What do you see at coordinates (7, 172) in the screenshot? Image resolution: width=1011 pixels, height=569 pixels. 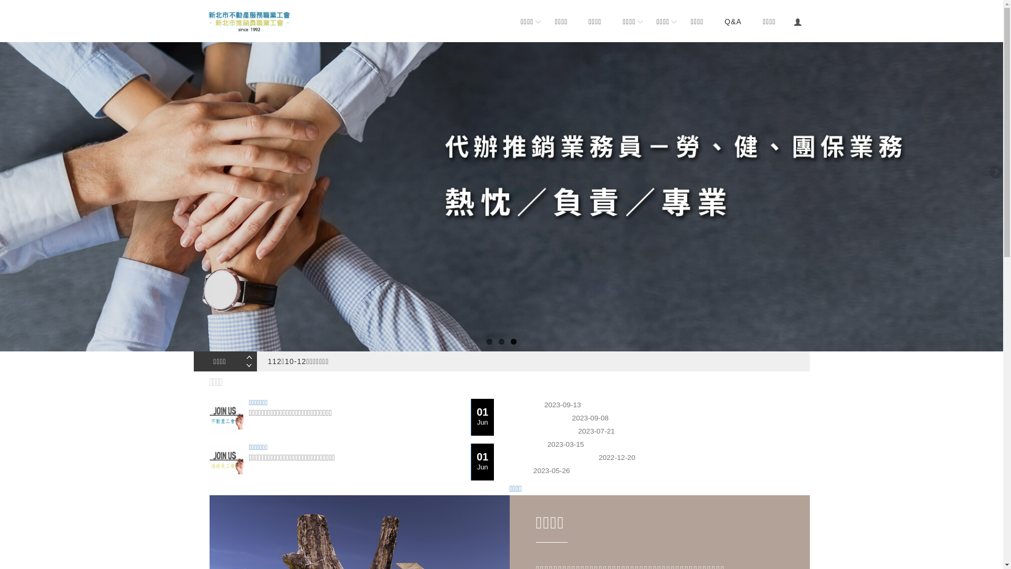 I see `'Previous'` at bounding box center [7, 172].